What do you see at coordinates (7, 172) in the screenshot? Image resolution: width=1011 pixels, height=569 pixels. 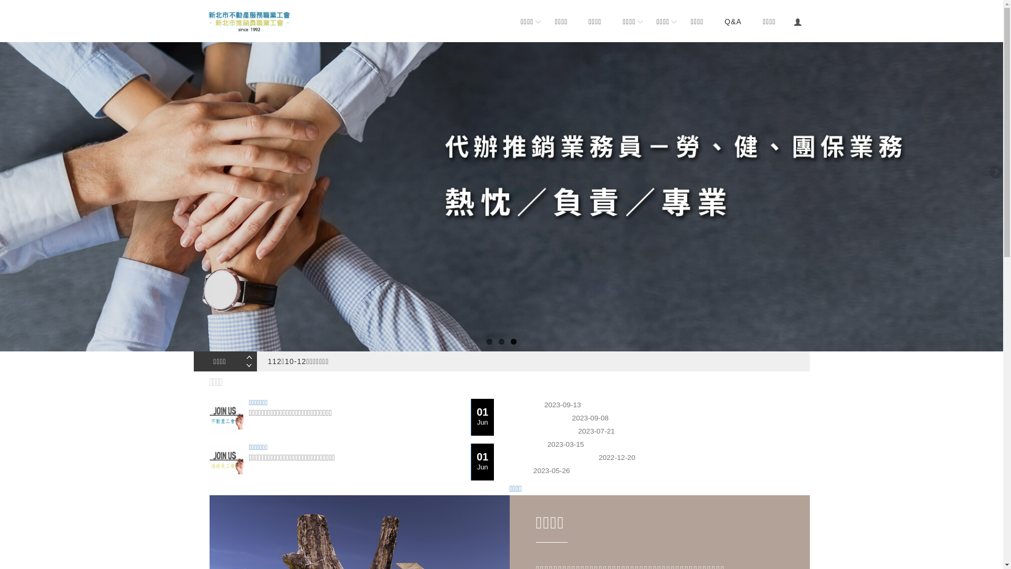 I see `'Previous'` at bounding box center [7, 172].